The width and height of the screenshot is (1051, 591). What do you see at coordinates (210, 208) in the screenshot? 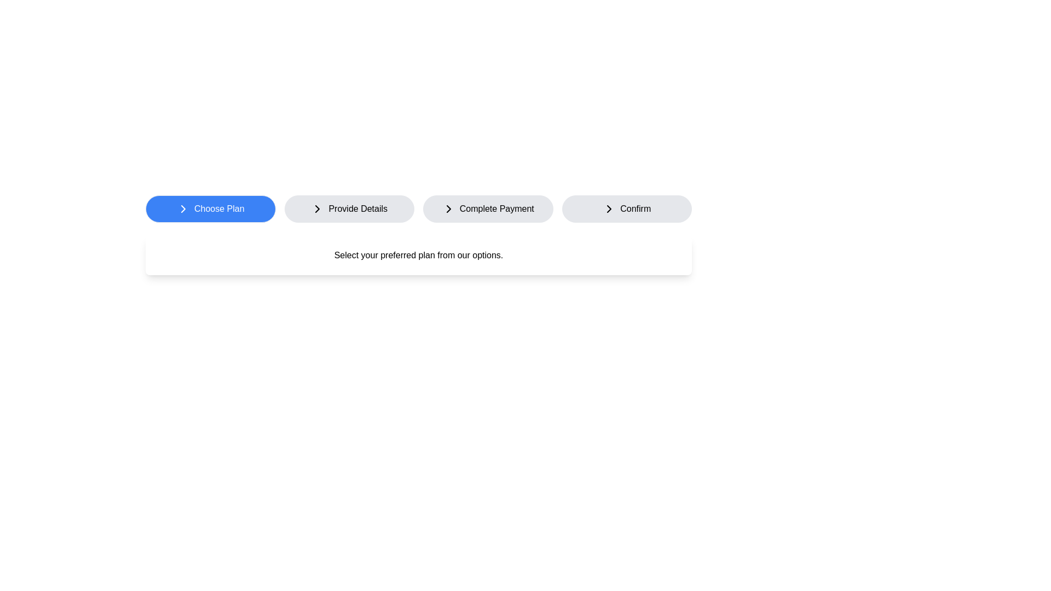
I see `the step button corresponding to Choose Plan` at bounding box center [210, 208].